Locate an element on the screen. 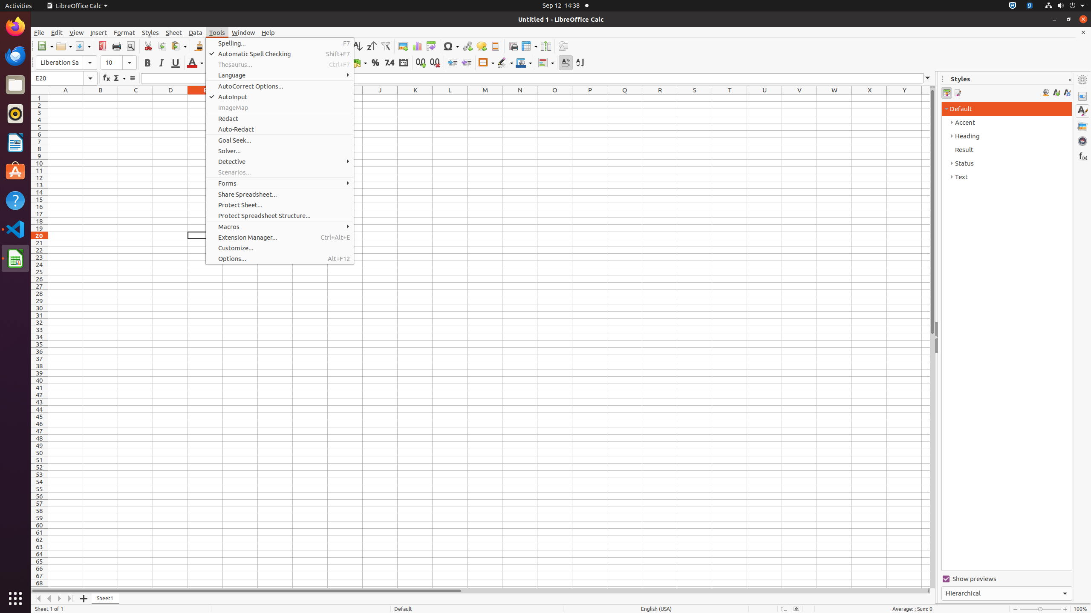 The image size is (1091, 613). 'Text direction from top to bottom' is located at coordinates (580, 62).